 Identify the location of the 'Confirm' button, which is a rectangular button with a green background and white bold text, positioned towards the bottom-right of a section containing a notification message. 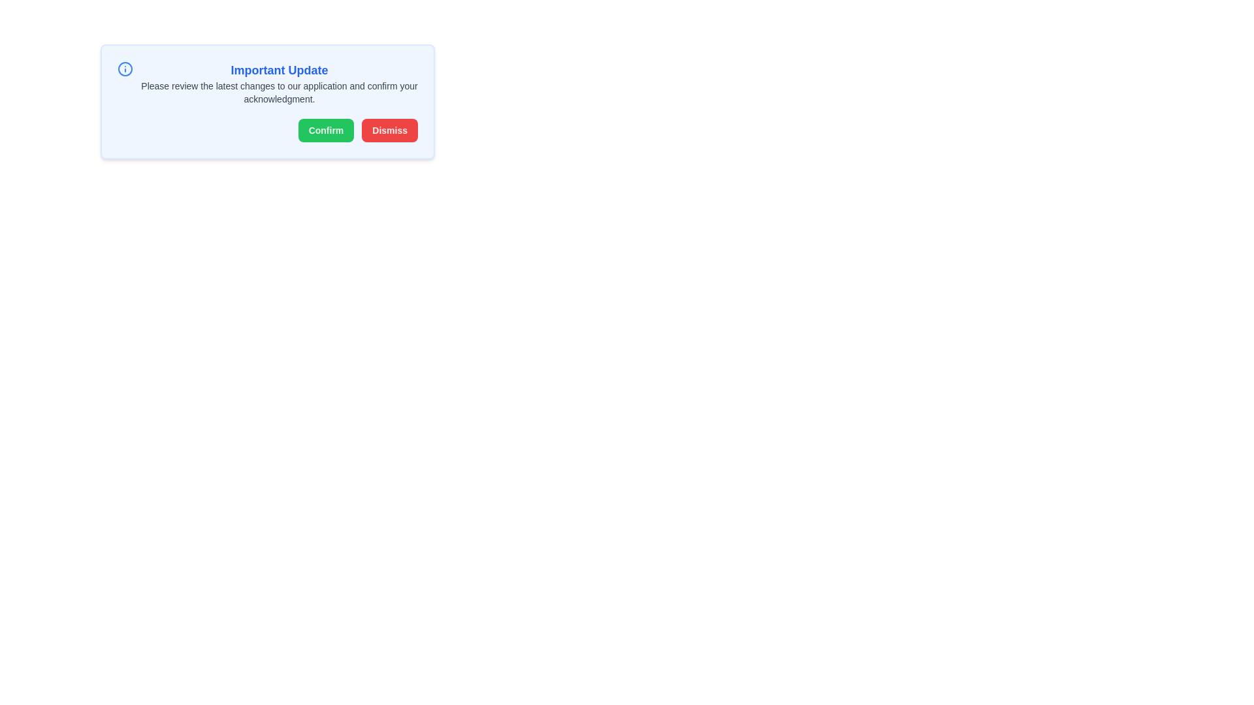
(326, 131).